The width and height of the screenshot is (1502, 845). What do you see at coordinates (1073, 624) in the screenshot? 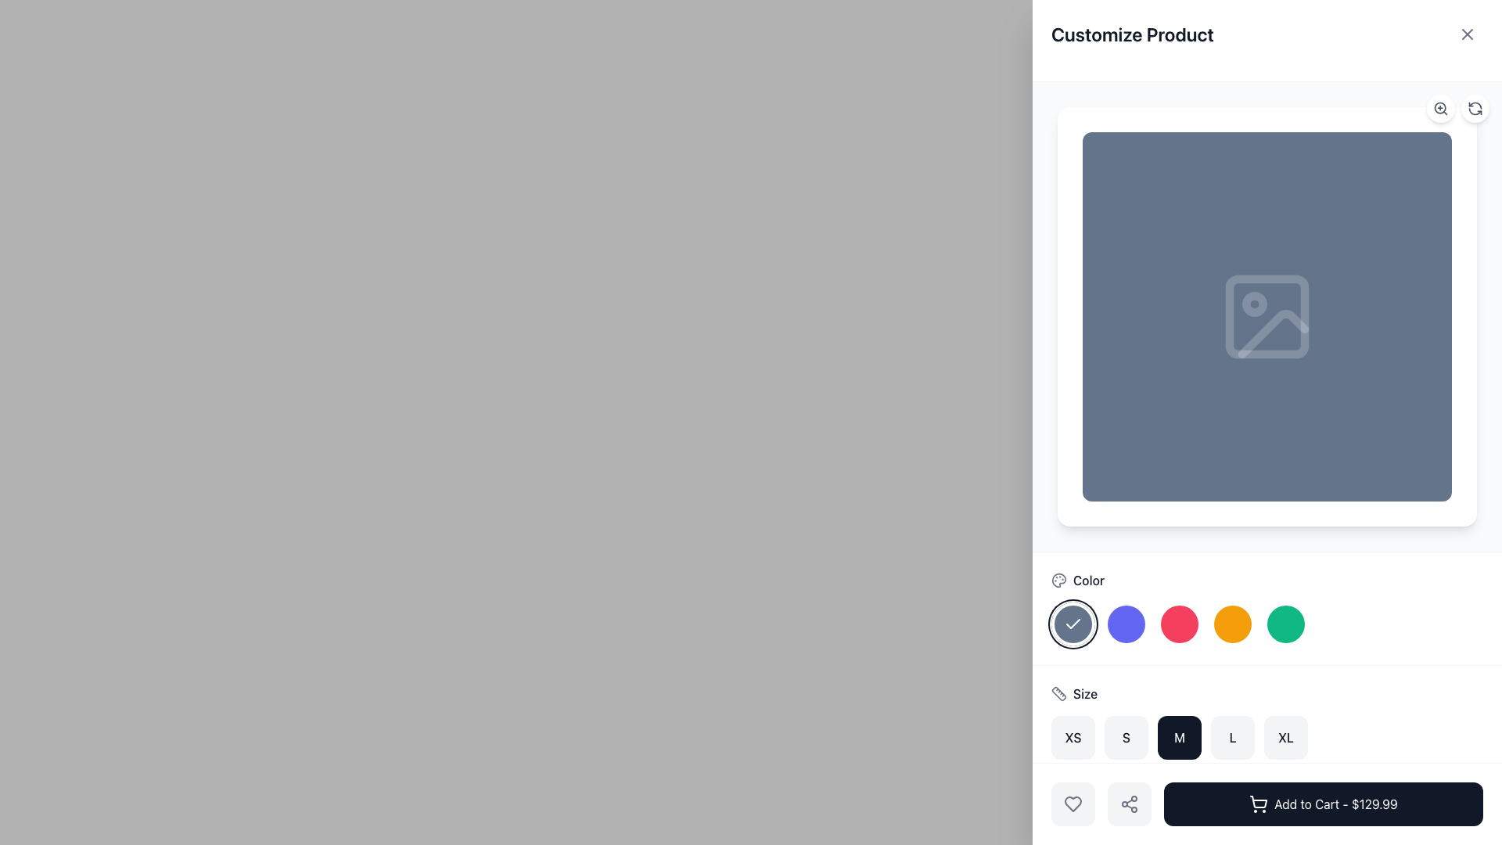
I see `the first selectable color button, which is a circular icon with a check mark symbol centered inside` at bounding box center [1073, 624].